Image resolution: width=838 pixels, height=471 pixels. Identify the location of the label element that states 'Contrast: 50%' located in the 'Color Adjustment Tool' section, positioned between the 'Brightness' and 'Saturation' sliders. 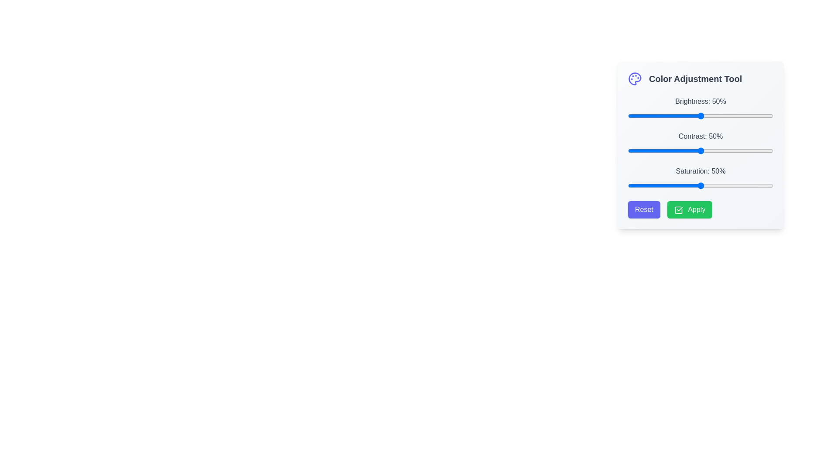
(701, 136).